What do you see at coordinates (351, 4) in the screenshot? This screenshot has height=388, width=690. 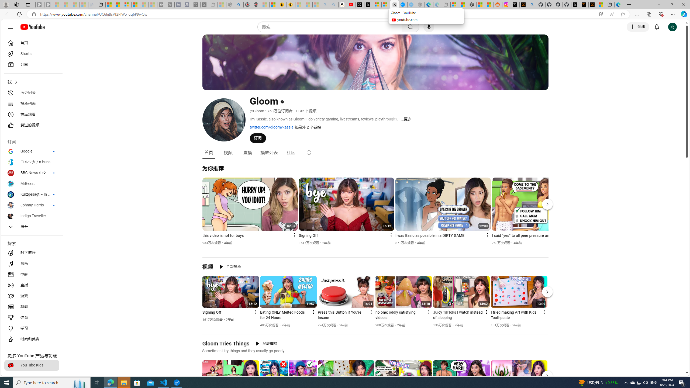 I see `'Day 1: Arriving in Yemen (surreal to be here) - YouTube'` at bounding box center [351, 4].